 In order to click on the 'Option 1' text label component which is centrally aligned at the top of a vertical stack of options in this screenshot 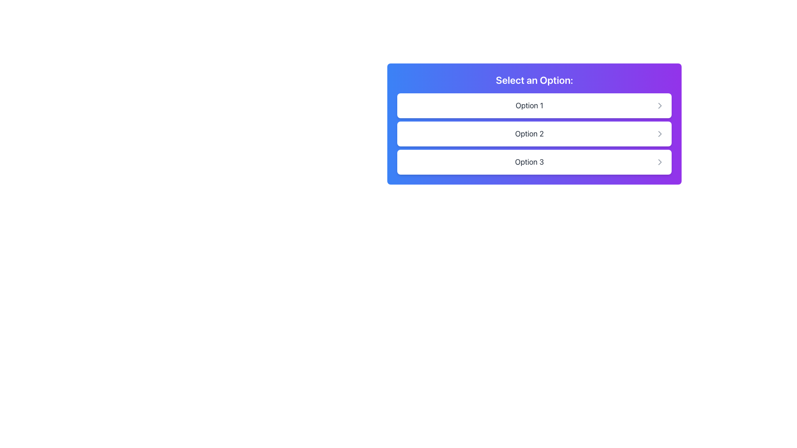, I will do `click(529, 105)`.